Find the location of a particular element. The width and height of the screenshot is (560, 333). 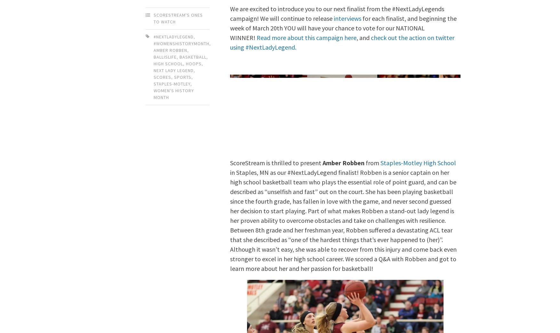

'Women's History Month' is located at coordinates (173, 93).